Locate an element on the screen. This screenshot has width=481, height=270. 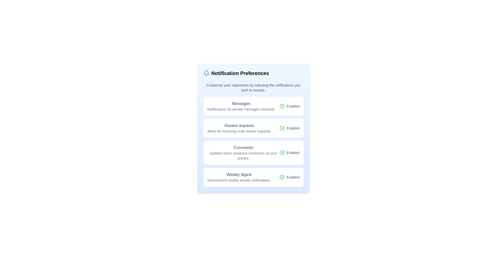
the text label reading 'Notifications for private messages received.' which is located below the title 'Messages' in the card layout is located at coordinates (241, 109).